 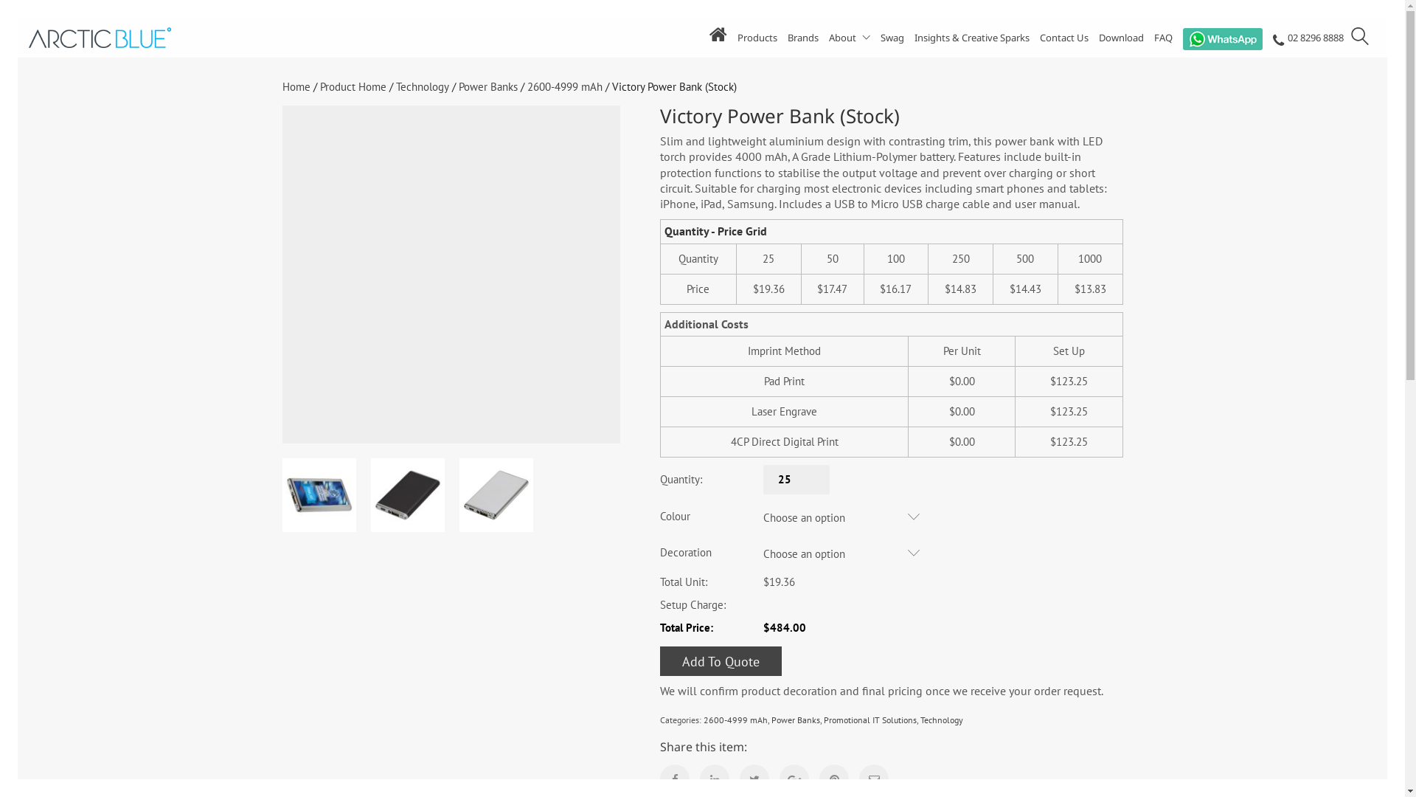 What do you see at coordinates (295, 87) in the screenshot?
I see `'Home'` at bounding box center [295, 87].